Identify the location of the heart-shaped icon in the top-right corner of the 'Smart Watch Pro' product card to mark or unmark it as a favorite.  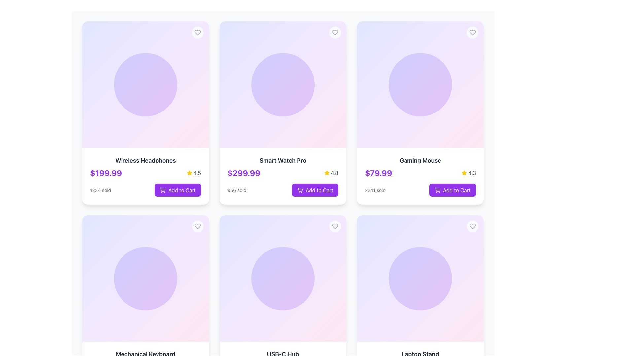
(335, 33).